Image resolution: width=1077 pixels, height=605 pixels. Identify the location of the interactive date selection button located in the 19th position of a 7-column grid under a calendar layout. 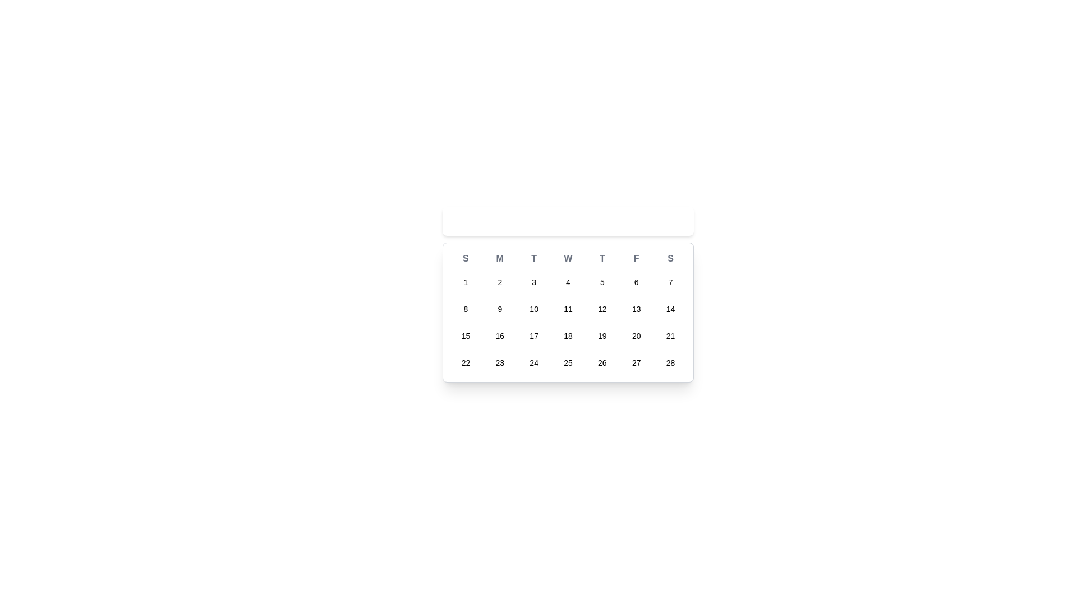
(601, 336).